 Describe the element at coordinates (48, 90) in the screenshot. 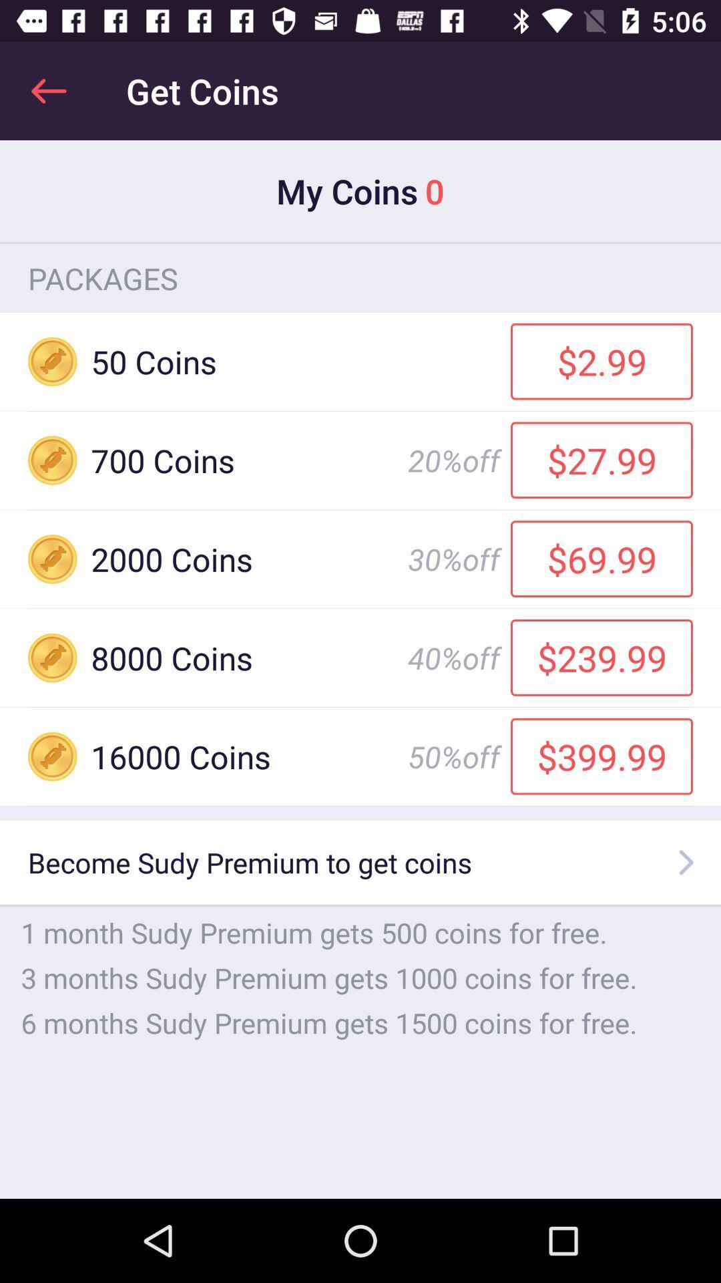

I see `back` at that location.